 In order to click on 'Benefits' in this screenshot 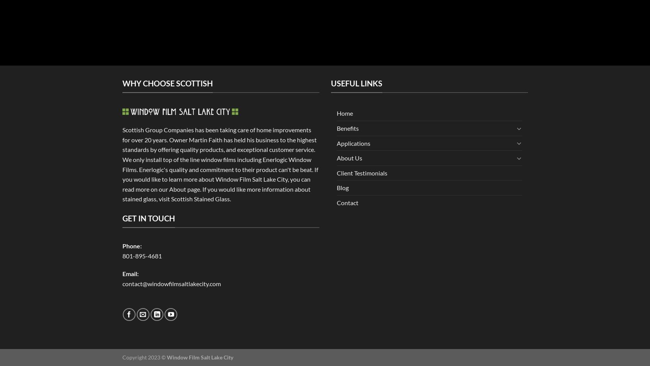, I will do `click(347, 128)`.